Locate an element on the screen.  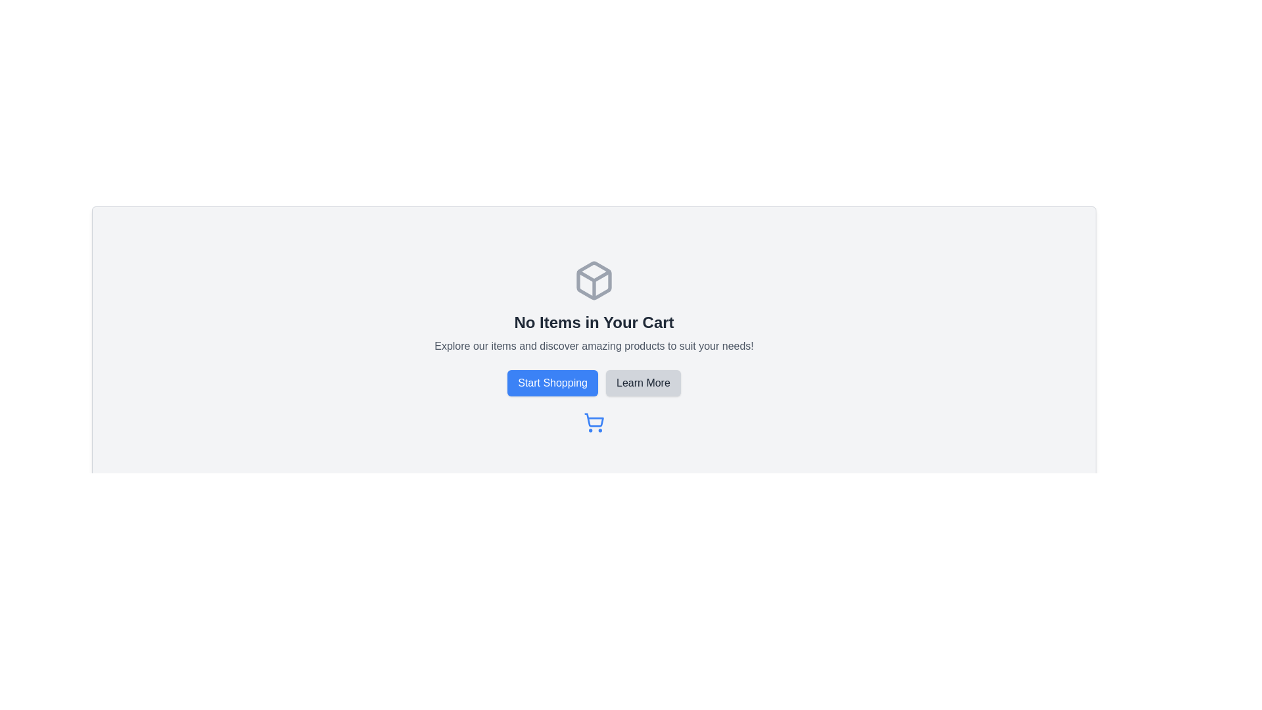
the leftmost button below the text 'Explore our items and discover amazing products to suit your needs!' for accessibility navigation is located at coordinates (553, 383).